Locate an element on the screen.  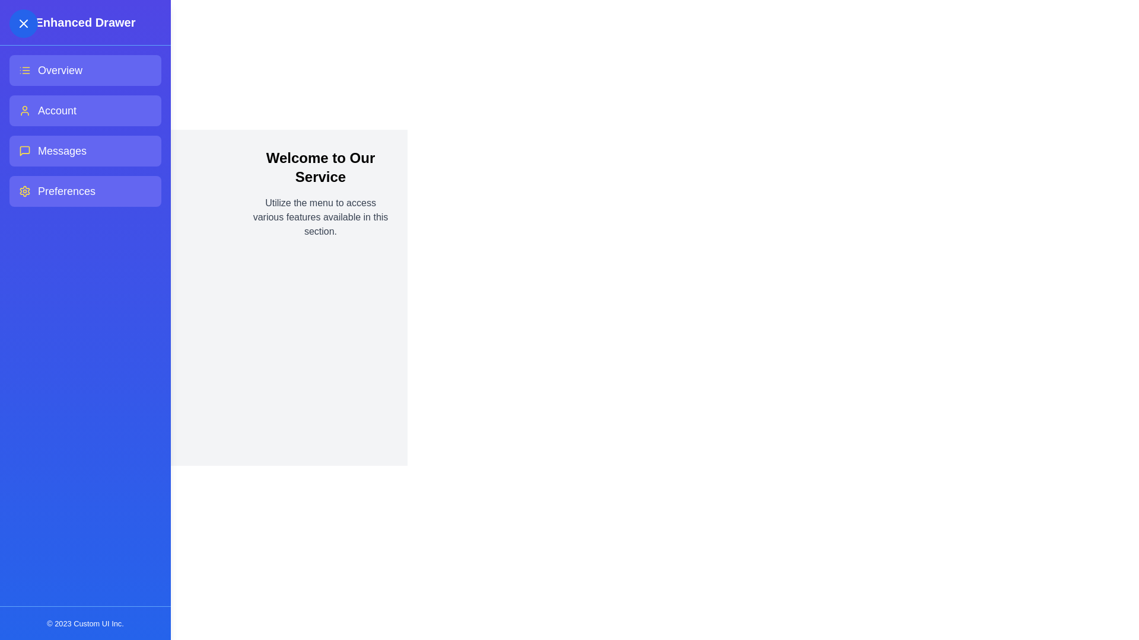
the 'Account' menu icon located in the vertical navigation panel, positioned to the left of the 'Account' text label is located at coordinates (25, 110).